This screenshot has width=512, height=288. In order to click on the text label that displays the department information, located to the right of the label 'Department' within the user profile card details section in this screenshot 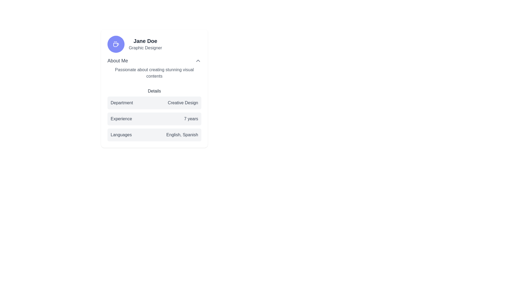, I will do `click(183, 103)`.